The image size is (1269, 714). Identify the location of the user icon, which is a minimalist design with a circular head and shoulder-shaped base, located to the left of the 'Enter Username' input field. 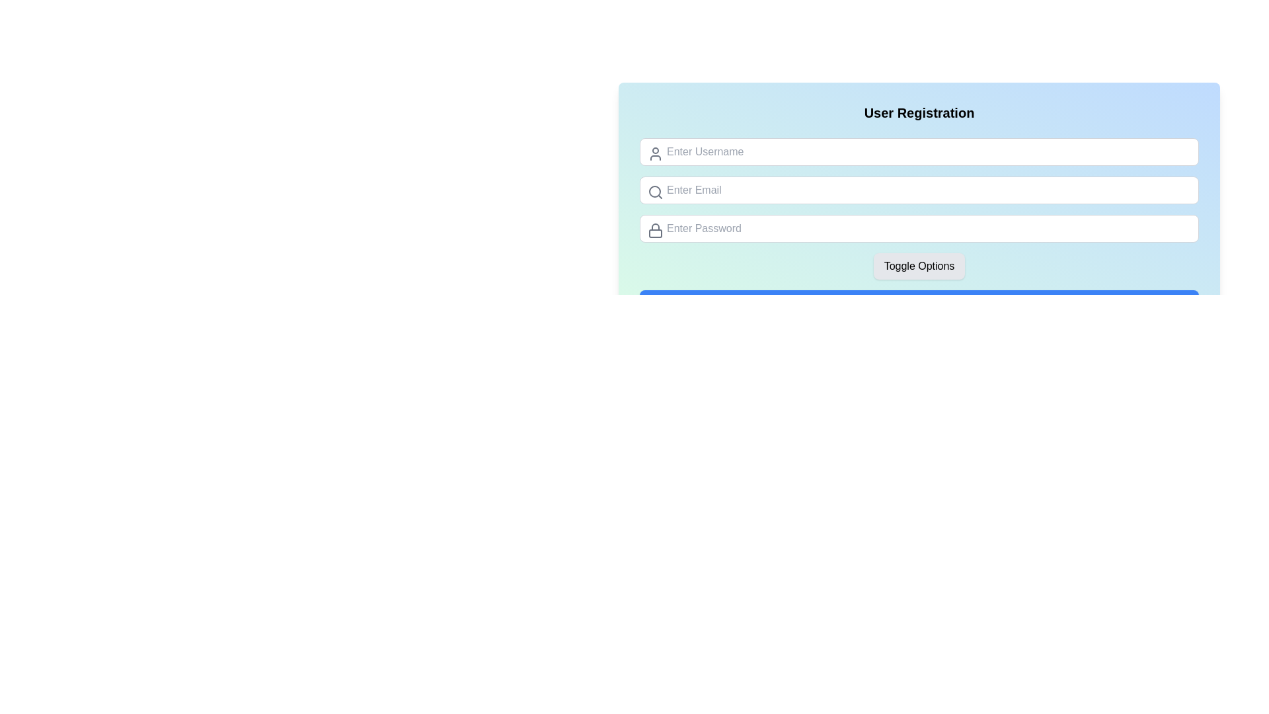
(656, 153).